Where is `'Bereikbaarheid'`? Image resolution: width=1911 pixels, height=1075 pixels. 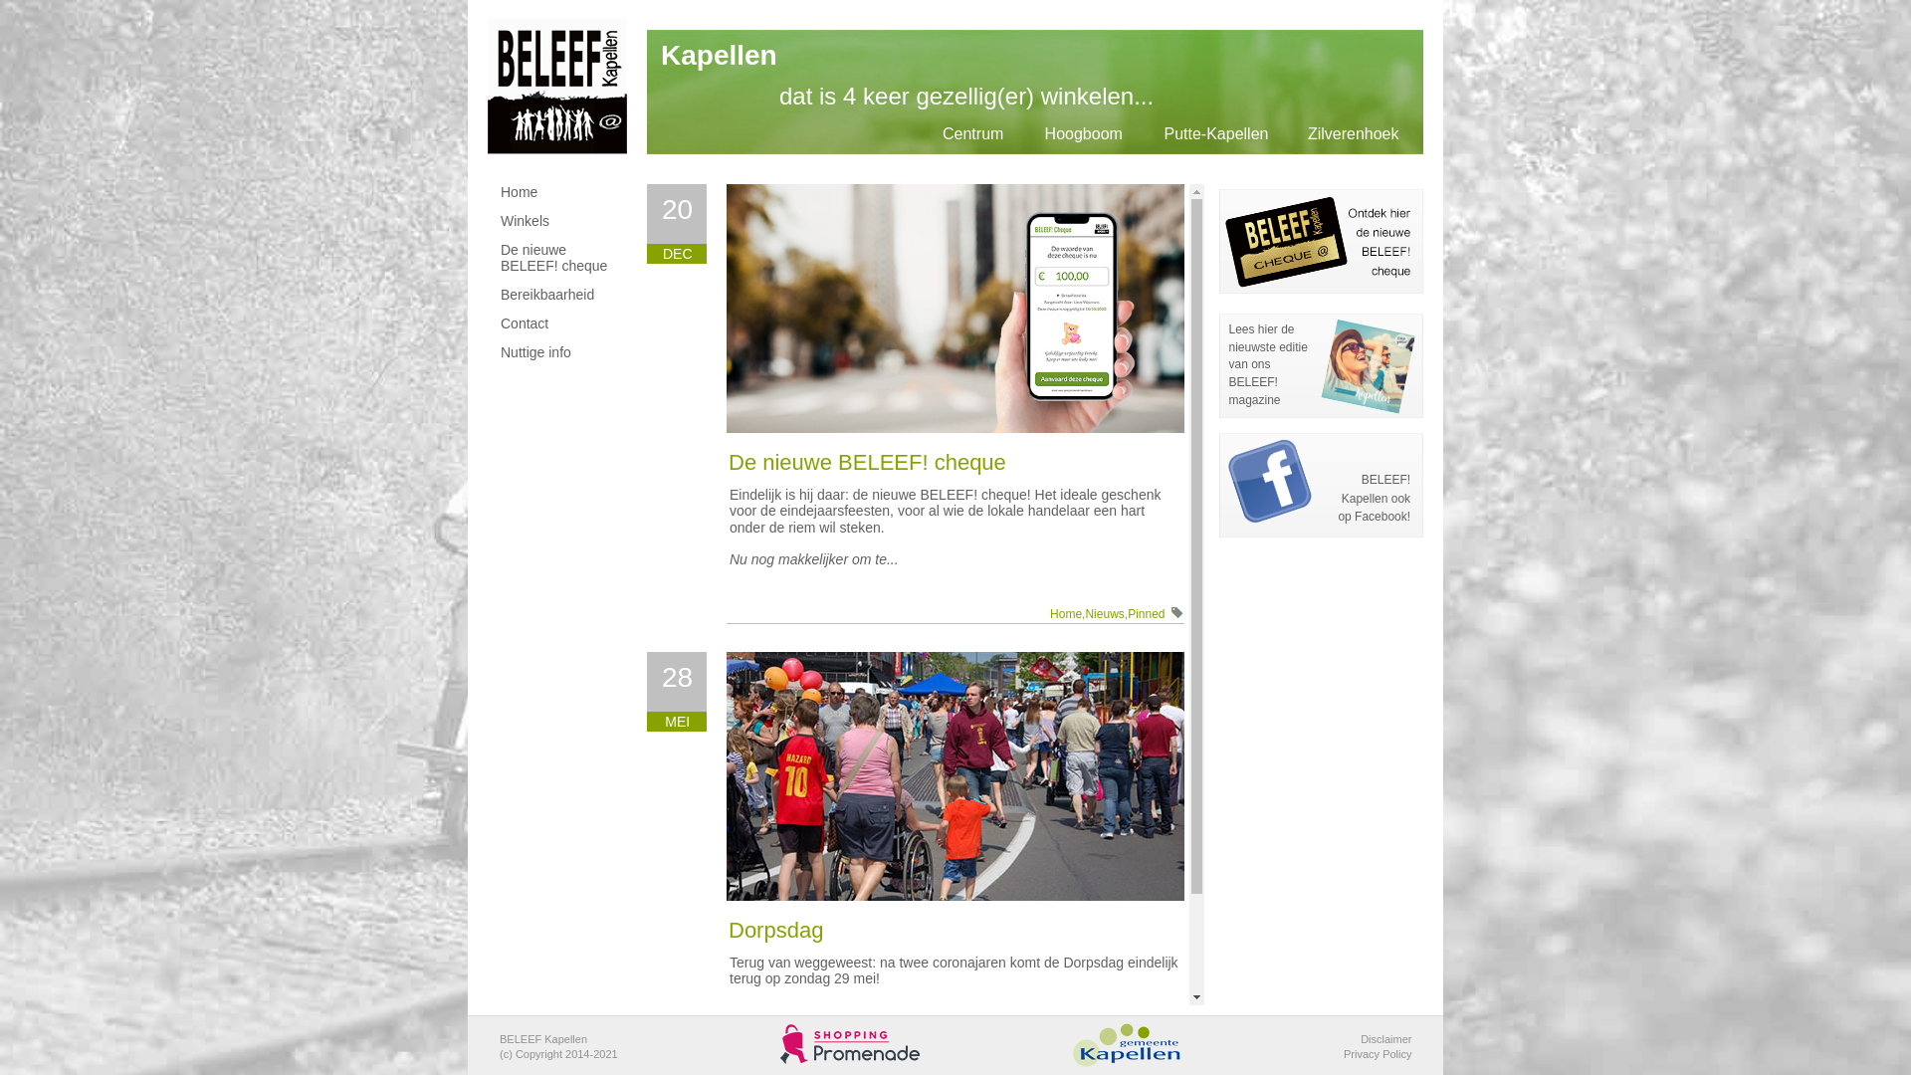 'Bereikbaarheid' is located at coordinates (497, 296).